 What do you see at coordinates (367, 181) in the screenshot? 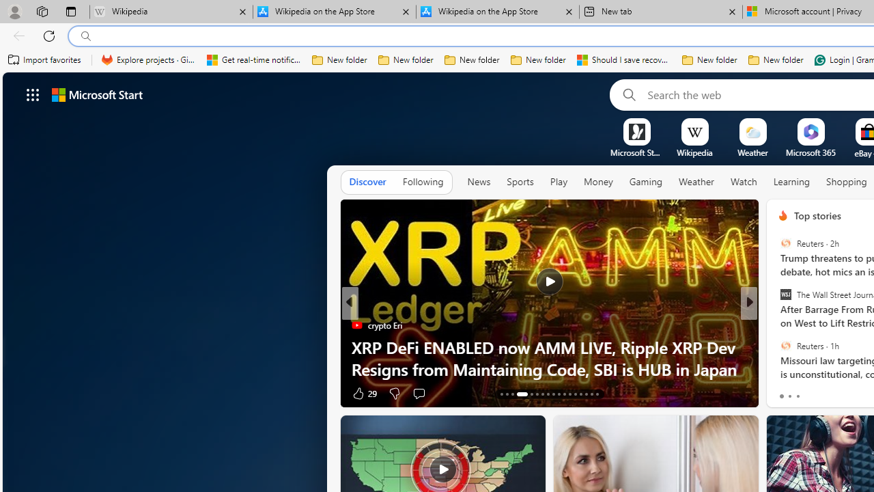
I see `'Discover'` at bounding box center [367, 181].